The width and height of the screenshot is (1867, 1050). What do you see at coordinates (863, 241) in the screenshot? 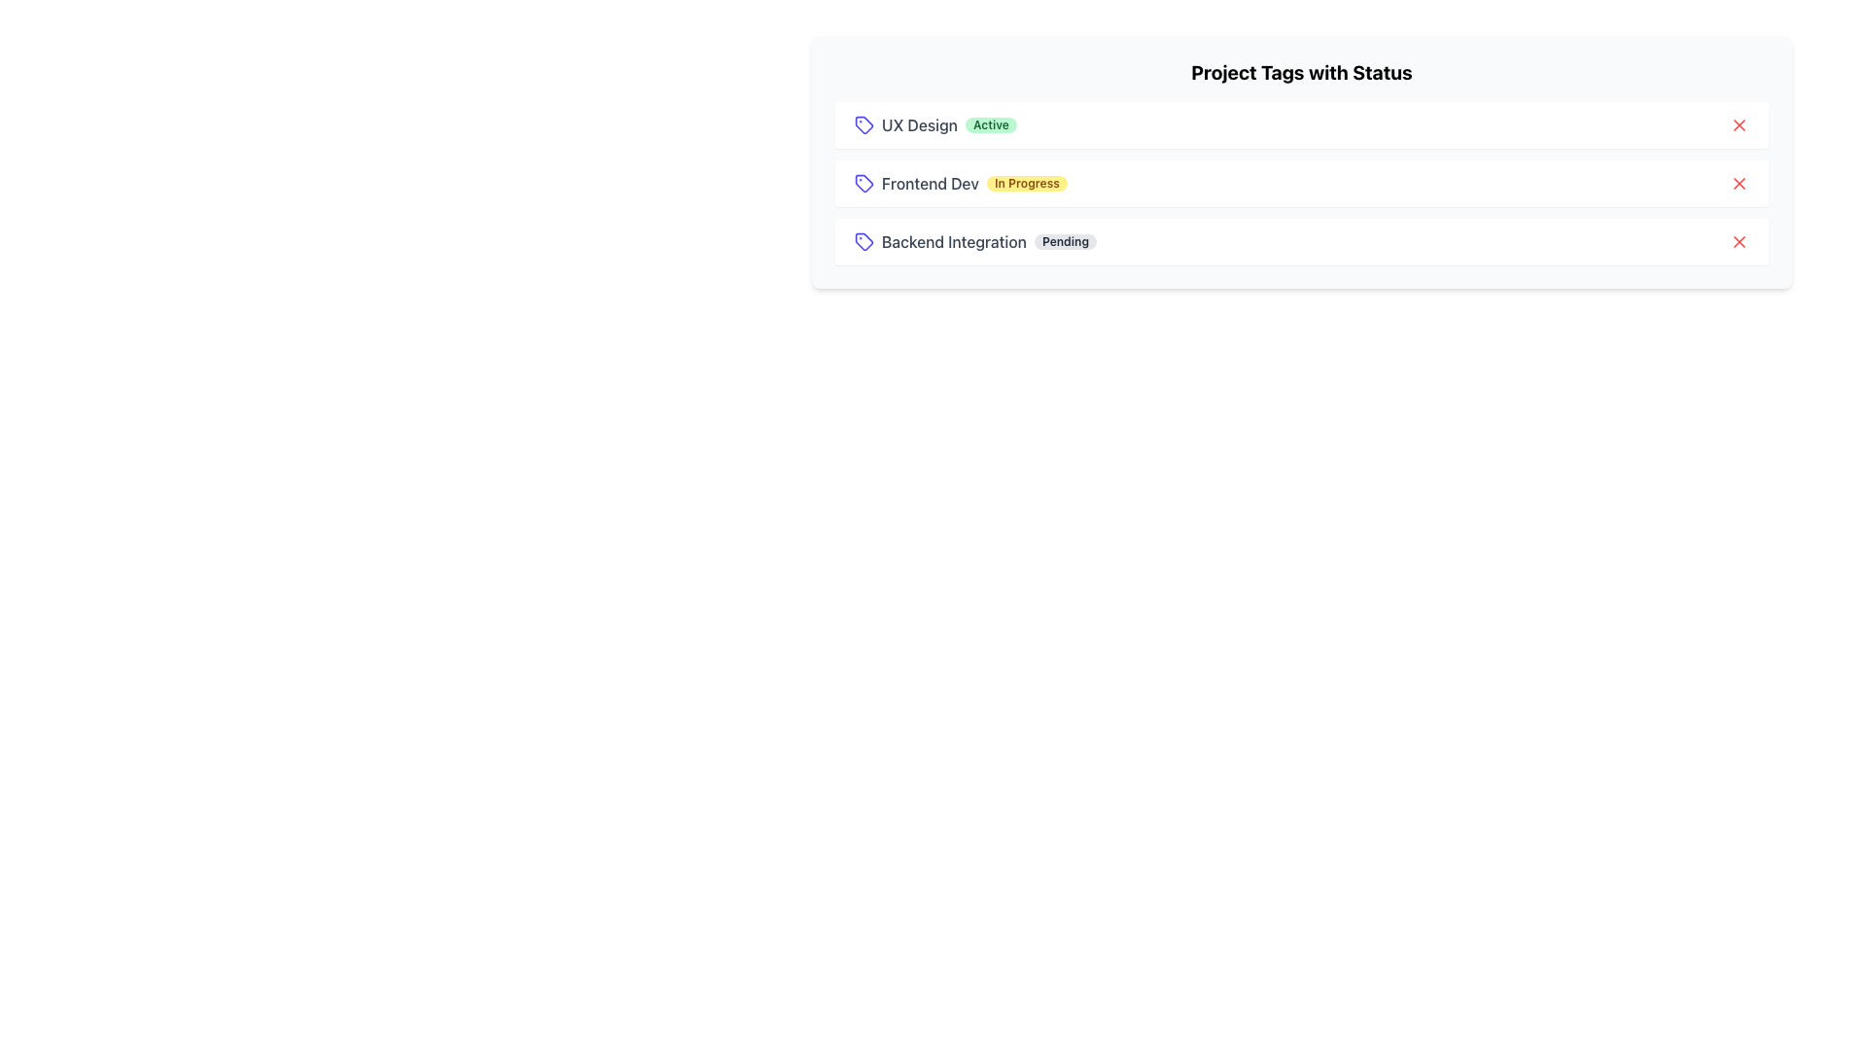
I see `the angular-shaped tag icon located next to the 'Pending' label in the 'Backend Integration' line item` at bounding box center [863, 241].